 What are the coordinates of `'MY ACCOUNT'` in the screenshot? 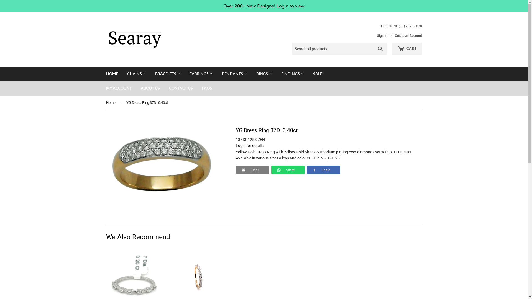 It's located at (102, 88).